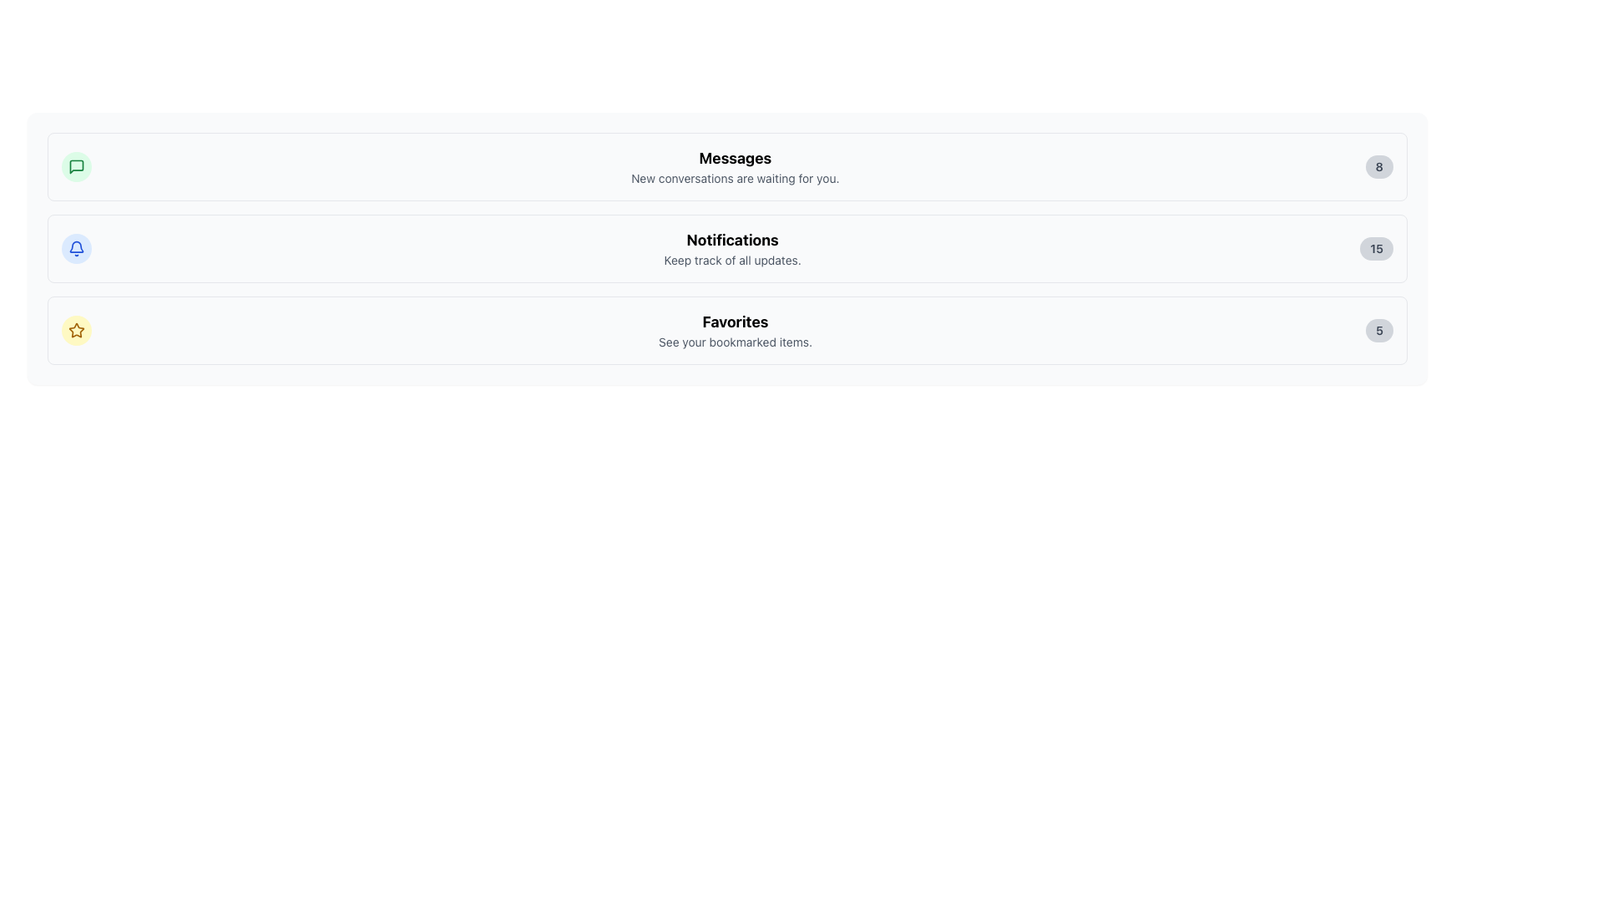  I want to click on text label containing the bold heading 'Notifications' and the subtitle 'Keep track of all updates.' to understand the information, so click(732, 248).